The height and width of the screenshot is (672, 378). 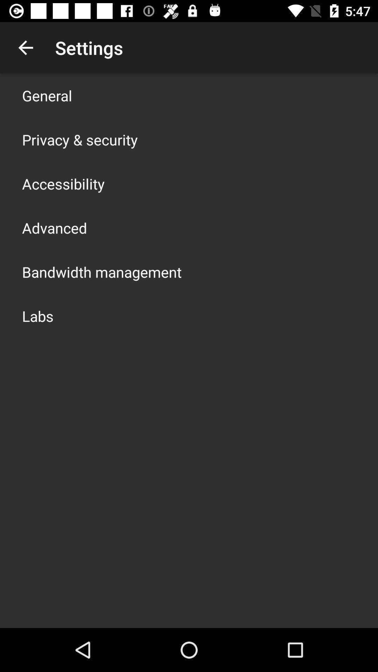 I want to click on the general, so click(x=47, y=95).